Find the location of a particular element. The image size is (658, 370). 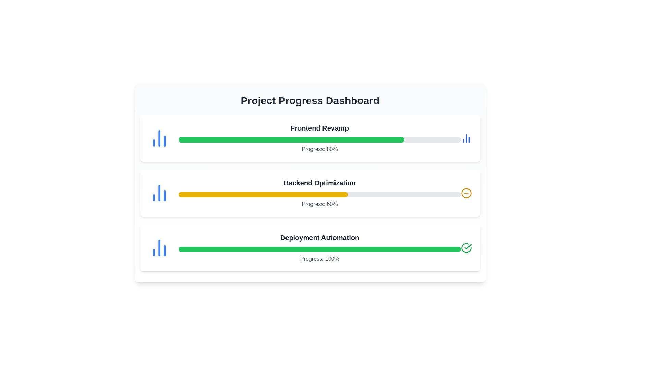

the bar chart icon located at the leftmost side of the 'Frontend Revamp' card, which serves as a visual indicator for data visualization is located at coordinates (159, 138).